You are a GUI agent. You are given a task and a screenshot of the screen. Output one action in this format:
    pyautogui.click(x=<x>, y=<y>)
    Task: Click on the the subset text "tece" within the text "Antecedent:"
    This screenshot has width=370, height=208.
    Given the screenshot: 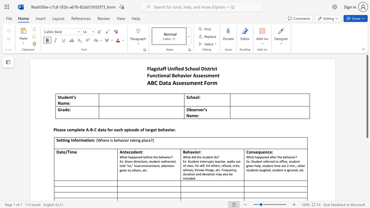 What is the action you would take?
    pyautogui.click(x=125, y=152)
    